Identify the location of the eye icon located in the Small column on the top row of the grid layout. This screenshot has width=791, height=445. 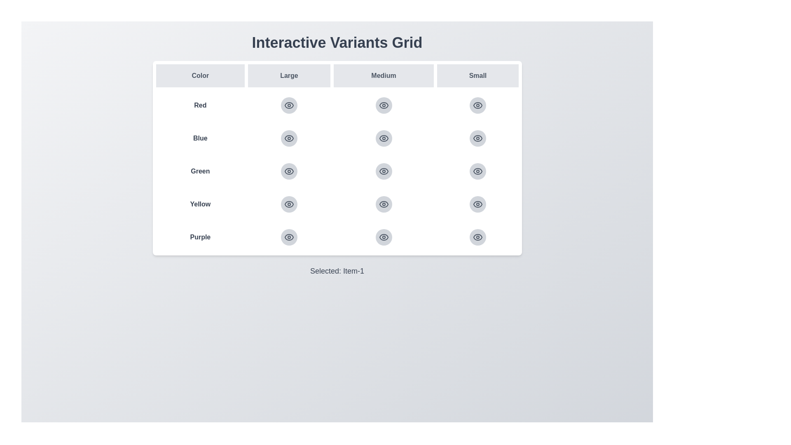
(478, 105).